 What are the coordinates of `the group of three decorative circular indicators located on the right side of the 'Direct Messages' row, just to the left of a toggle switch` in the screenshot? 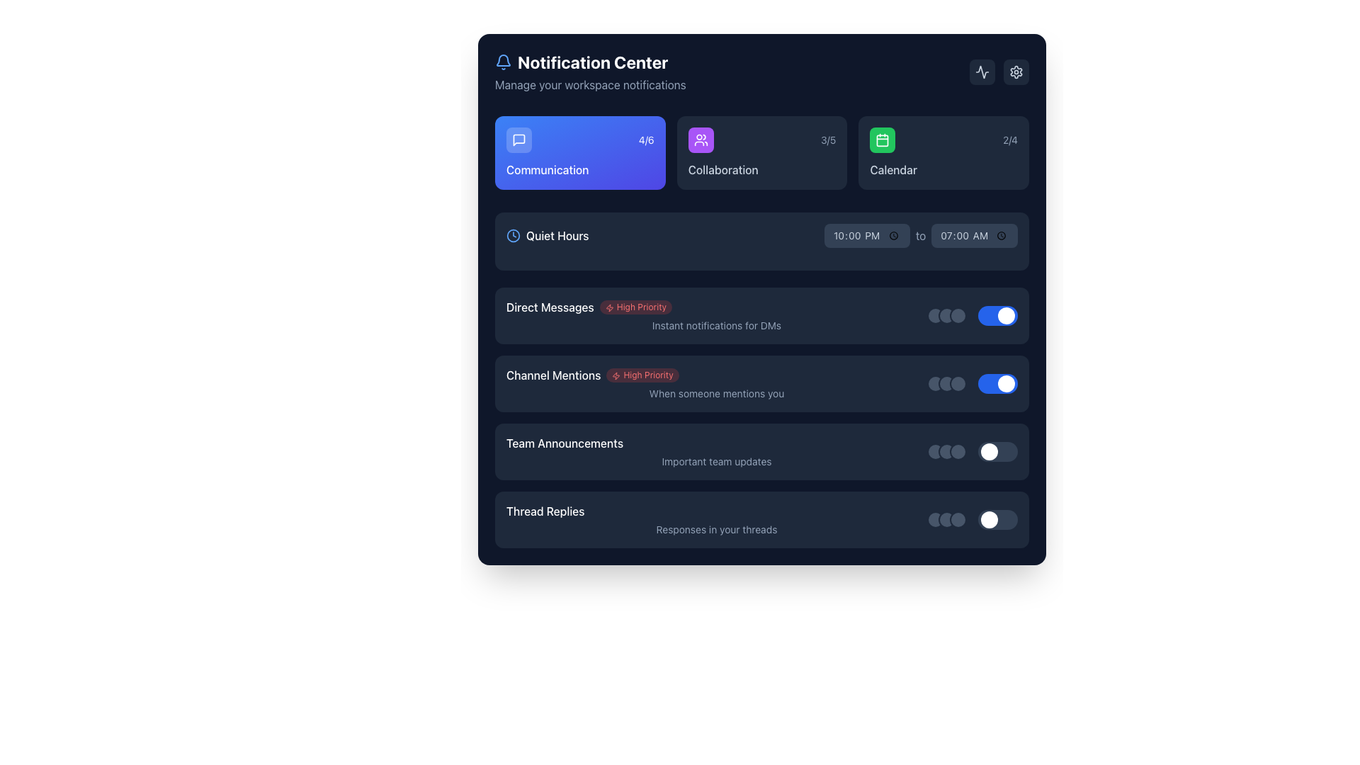 It's located at (947, 315).